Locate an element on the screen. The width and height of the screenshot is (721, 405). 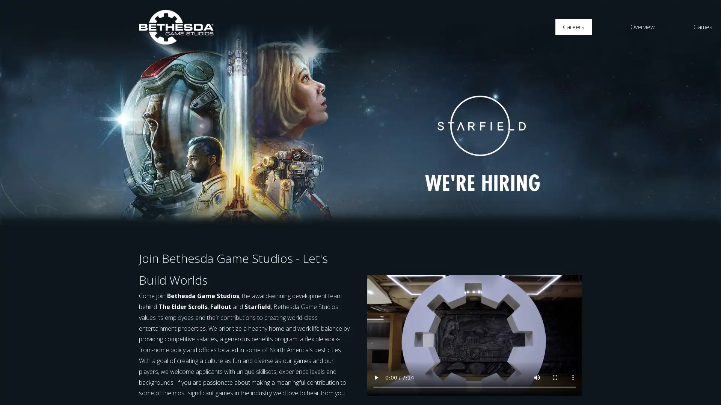
show more media controls is located at coordinates (573, 377).